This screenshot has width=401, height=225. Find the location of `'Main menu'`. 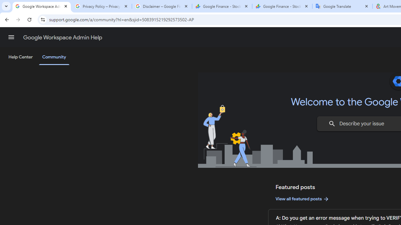

'Main menu' is located at coordinates (11, 37).